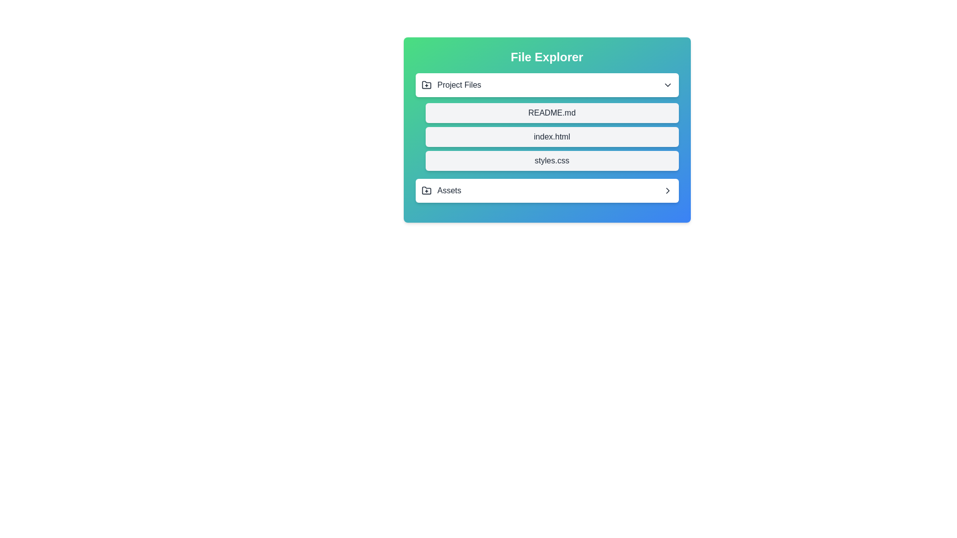 The image size is (957, 538). What do you see at coordinates (440, 190) in the screenshot?
I see `the label representing the 'Assets' folder` at bounding box center [440, 190].